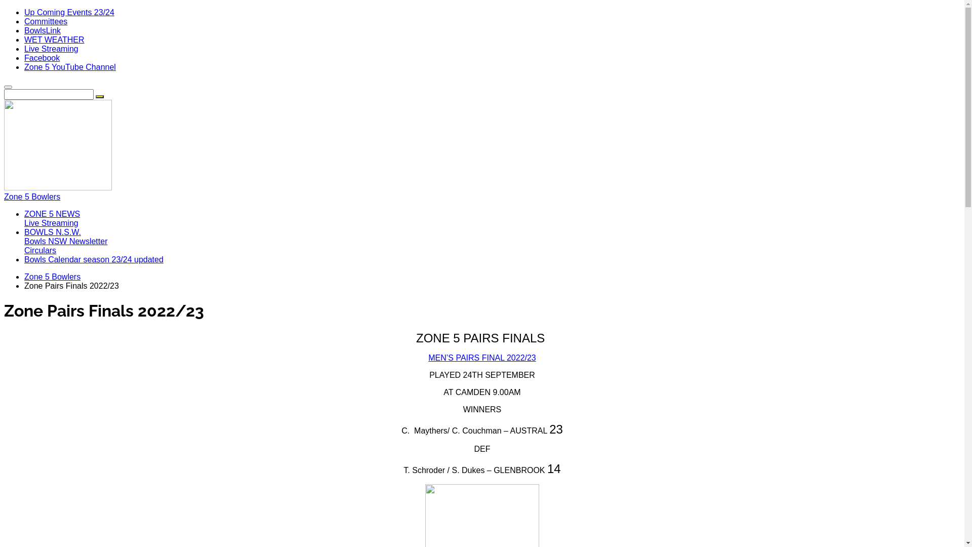 The image size is (972, 547). Describe the element at coordinates (52, 277) in the screenshot. I see `'Zone 5 Bowlers'` at that location.